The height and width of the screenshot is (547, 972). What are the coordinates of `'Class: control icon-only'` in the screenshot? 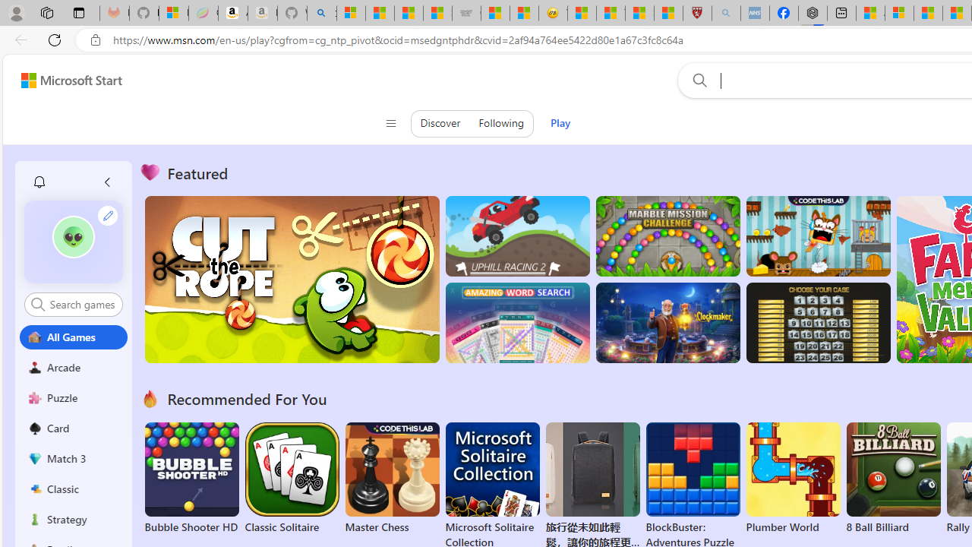 It's located at (390, 123).